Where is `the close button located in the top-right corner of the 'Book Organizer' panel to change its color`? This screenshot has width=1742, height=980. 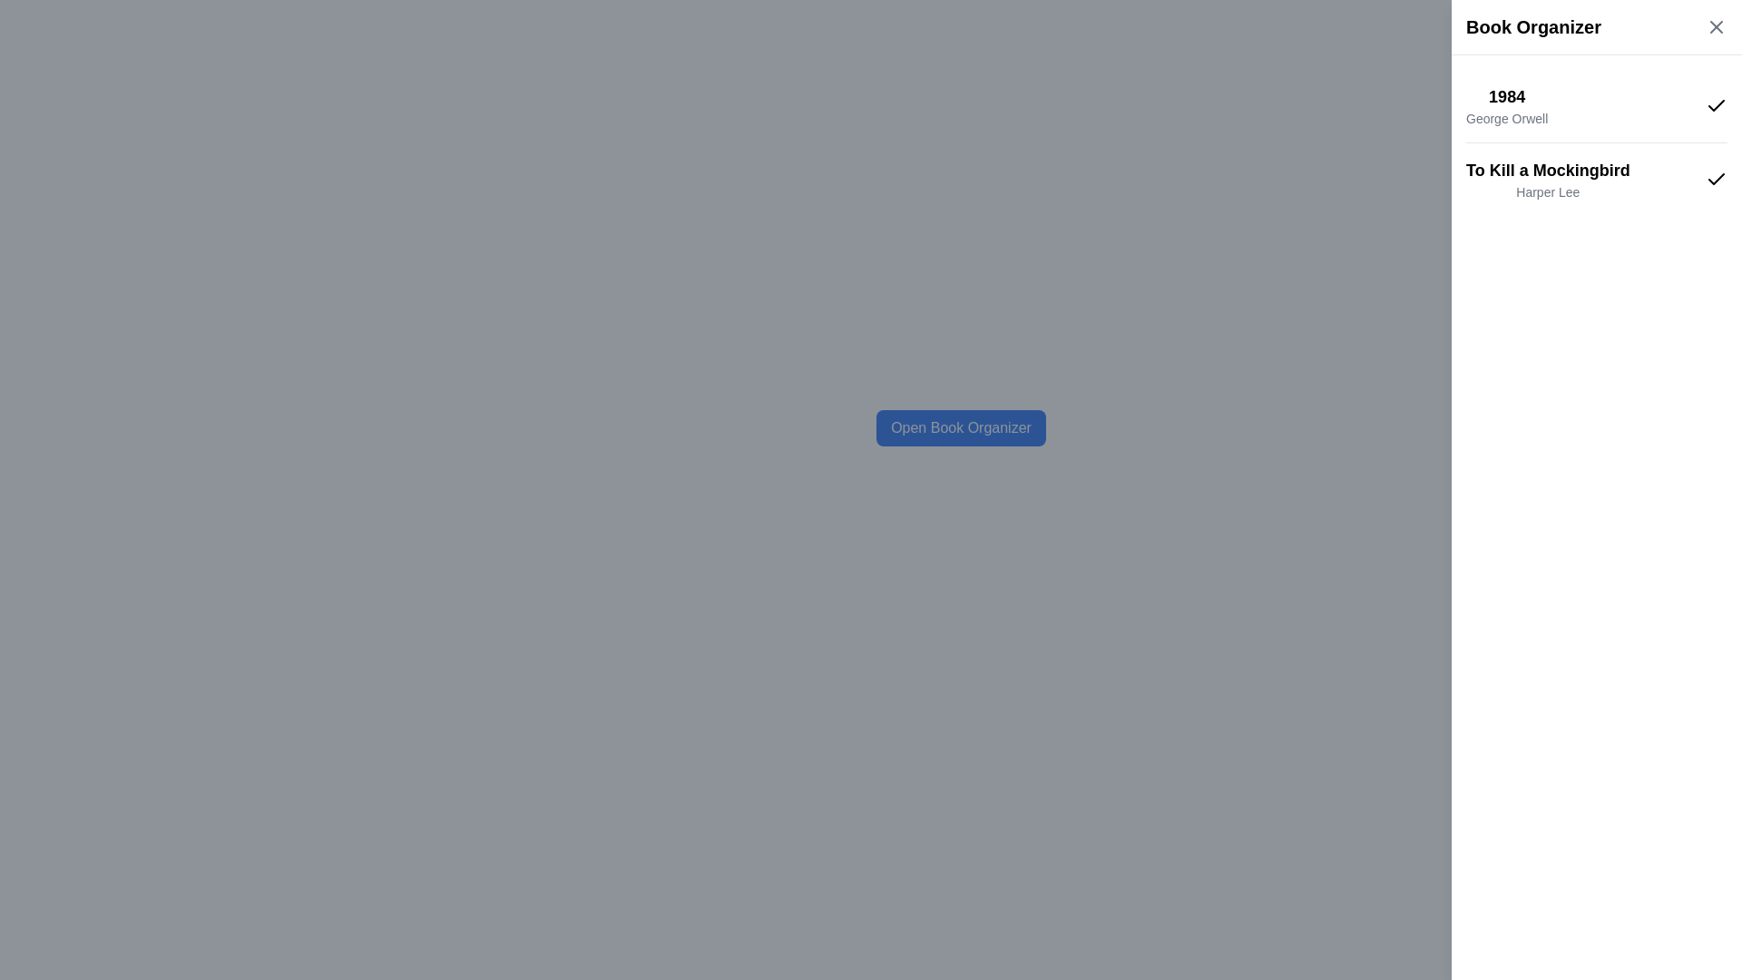
the close button located in the top-right corner of the 'Book Organizer' panel to change its color is located at coordinates (1715, 27).